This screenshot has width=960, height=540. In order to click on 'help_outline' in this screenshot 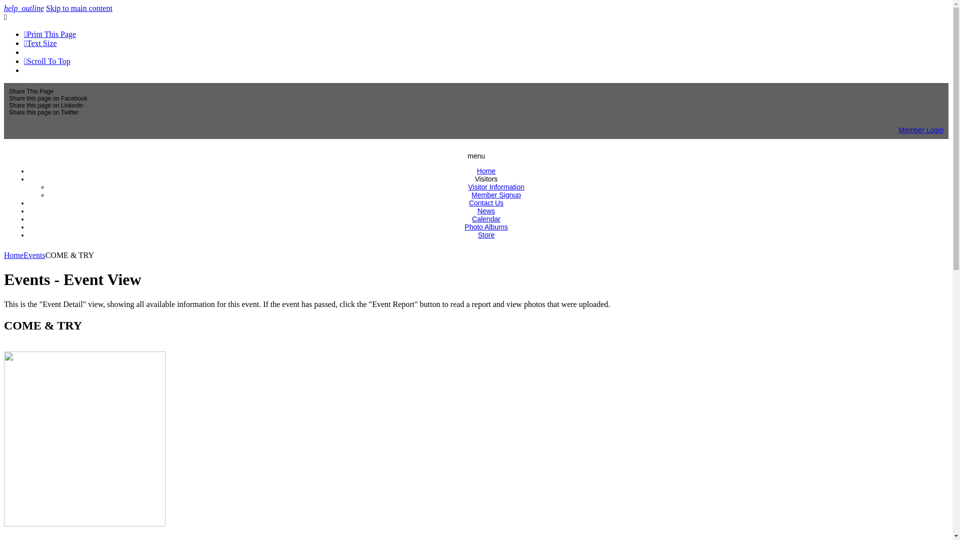, I will do `click(24, 8)`.